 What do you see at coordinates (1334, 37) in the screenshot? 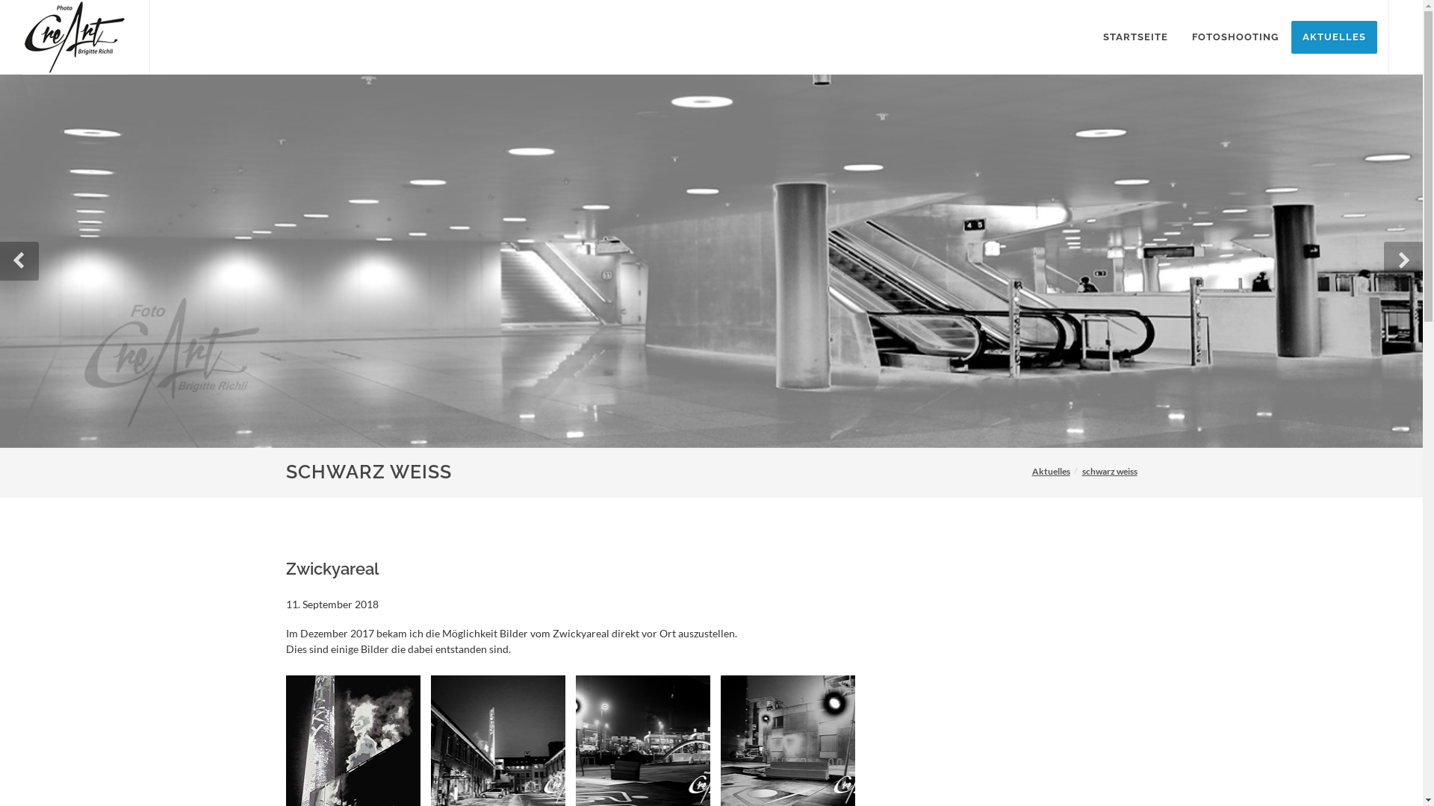
I see `'AKTUELLES'` at bounding box center [1334, 37].